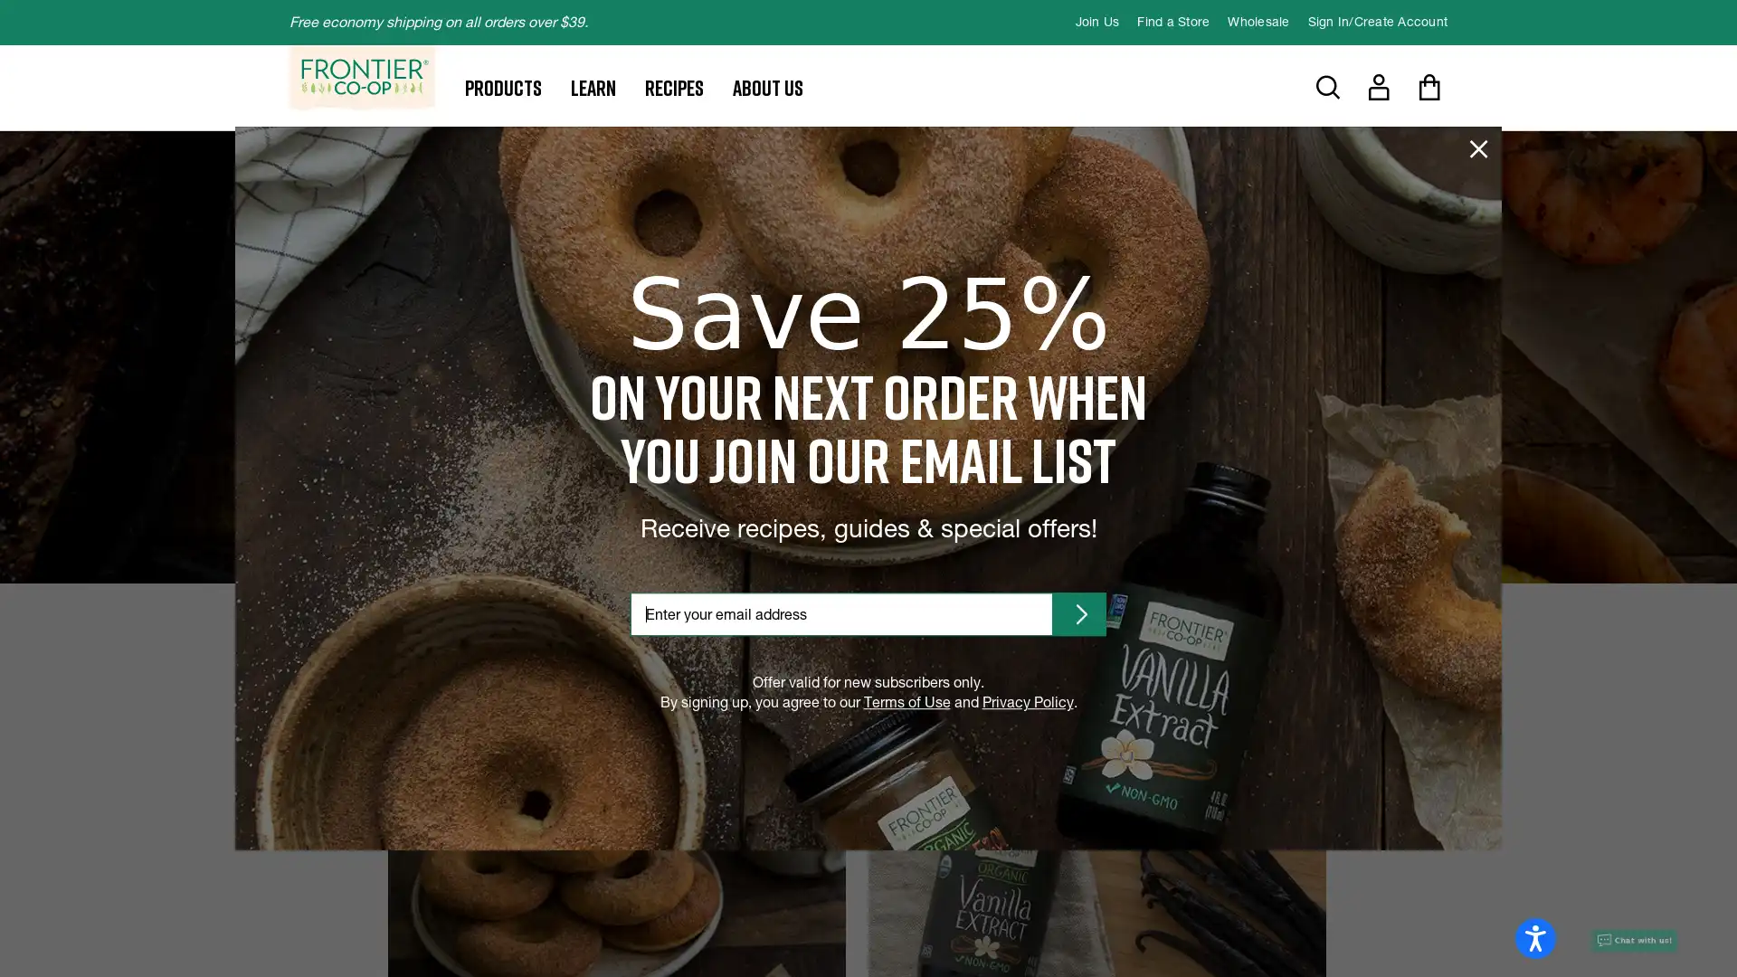 Image resolution: width=1737 pixels, height=977 pixels. I want to click on Chat with us!, so click(1633, 940).